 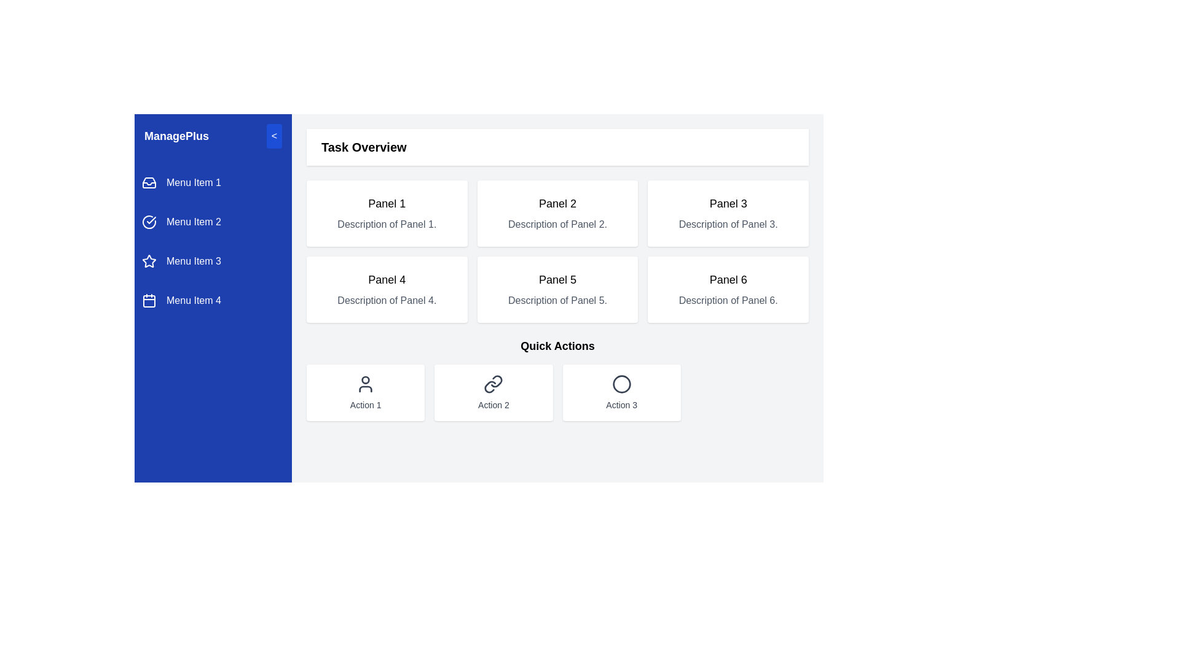 What do you see at coordinates (728, 225) in the screenshot?
I see `text from the Text label displaying 'Description of Panel 3.' located in the top-right card of the grid layout within 'Panel 3'` at bounding box center [728, 225].